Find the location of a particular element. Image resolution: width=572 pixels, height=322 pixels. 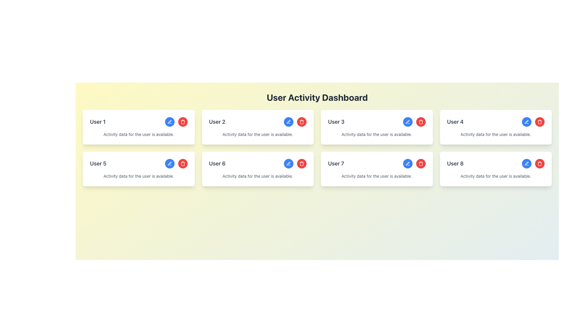

message 'Activity data for the user is available.' displayed in small gray text below 'User 8' in the card-like structure is located at coordinates (496, 176).